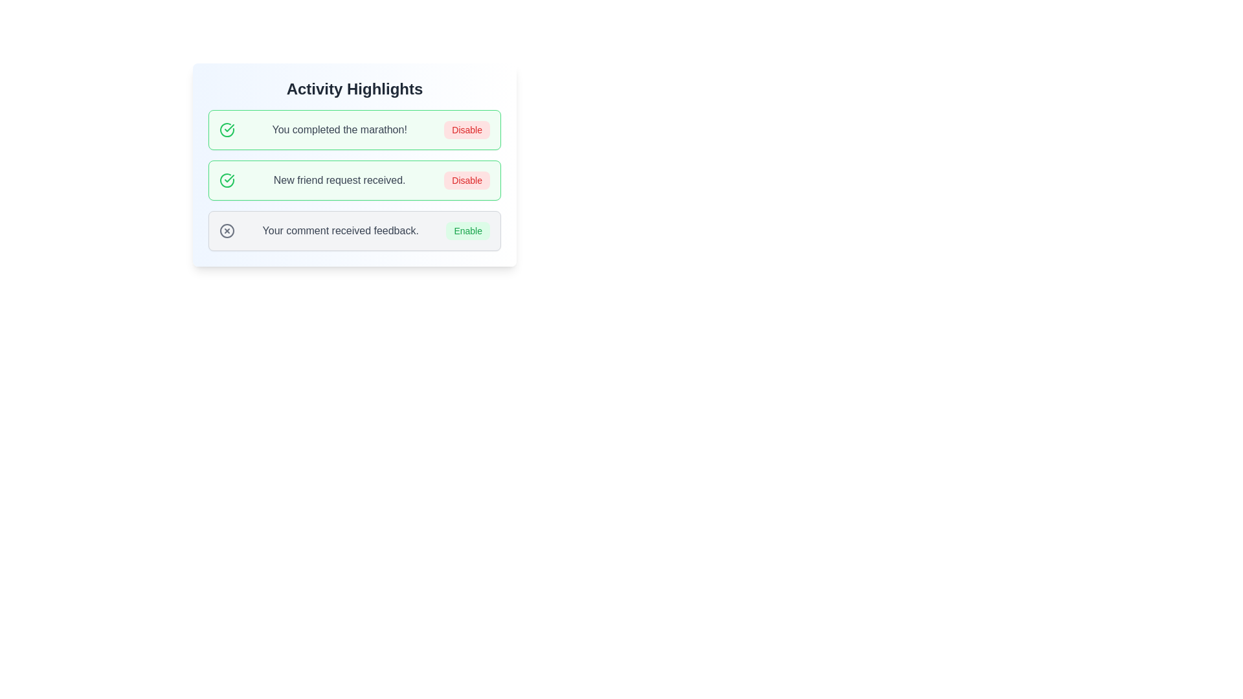 The width and height of the screenshot is (1243, 699). What do you see at coordinates (354, 230) in the screenshot?
I see `the 'Enable' button on the Notification card about feedback received on a comment, which is located in the bottom section of the list under 'Activity Highlights'` at bounding box center [354, 230].